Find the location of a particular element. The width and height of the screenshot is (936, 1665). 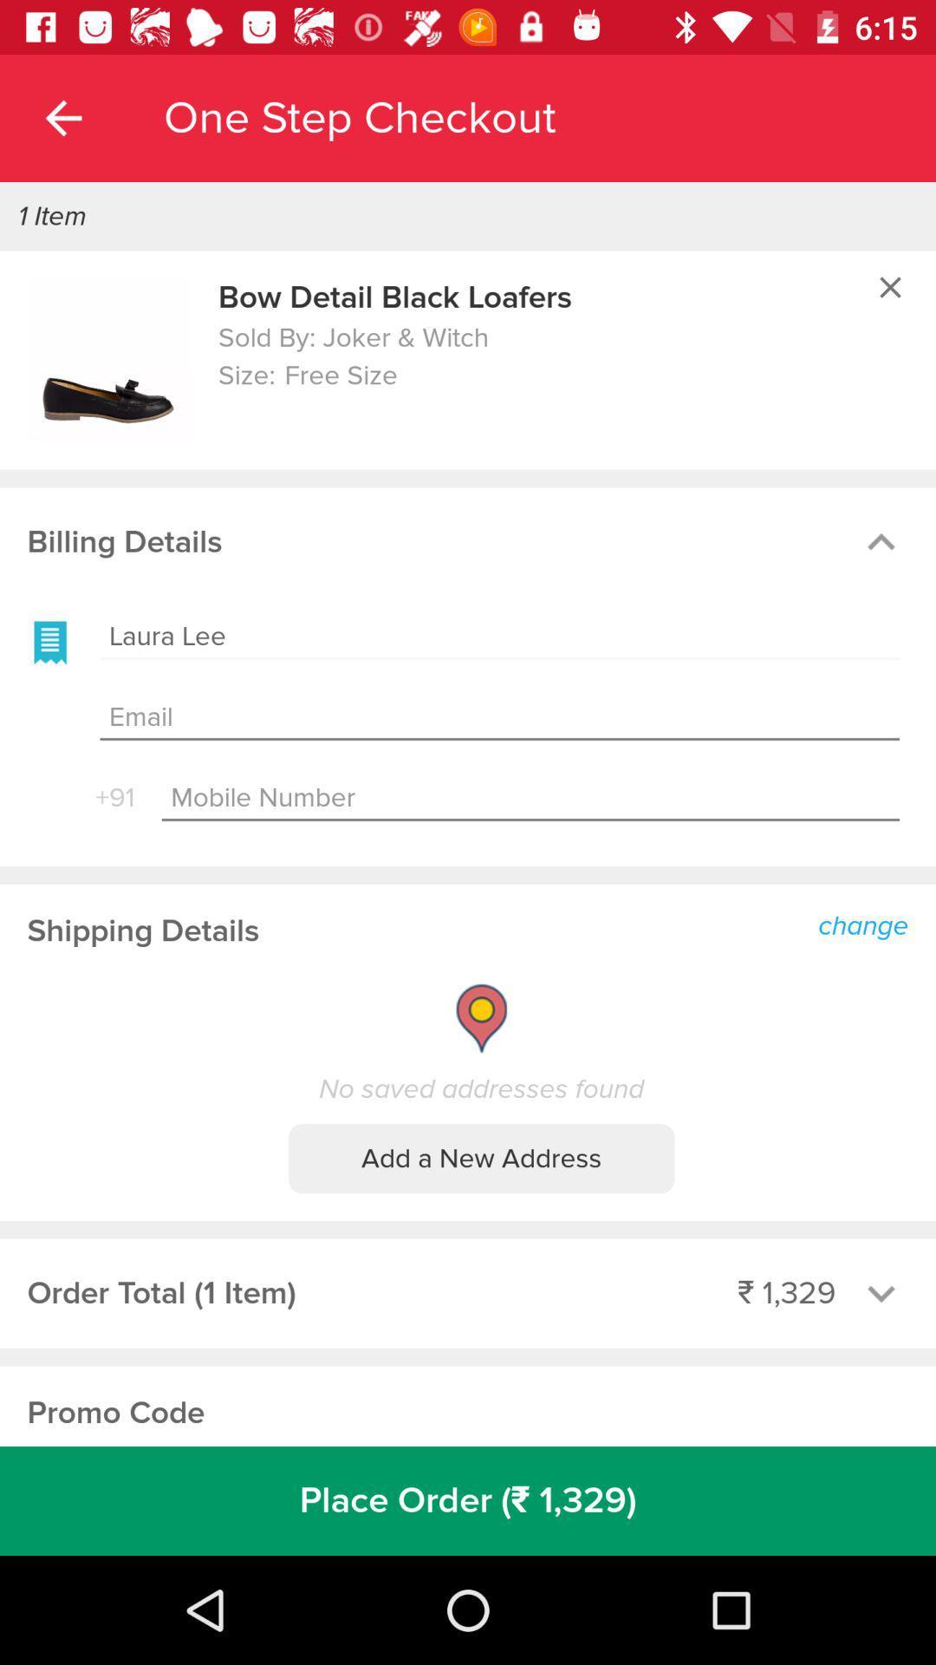

icon below 1 item is located at coordinates (109, 359).